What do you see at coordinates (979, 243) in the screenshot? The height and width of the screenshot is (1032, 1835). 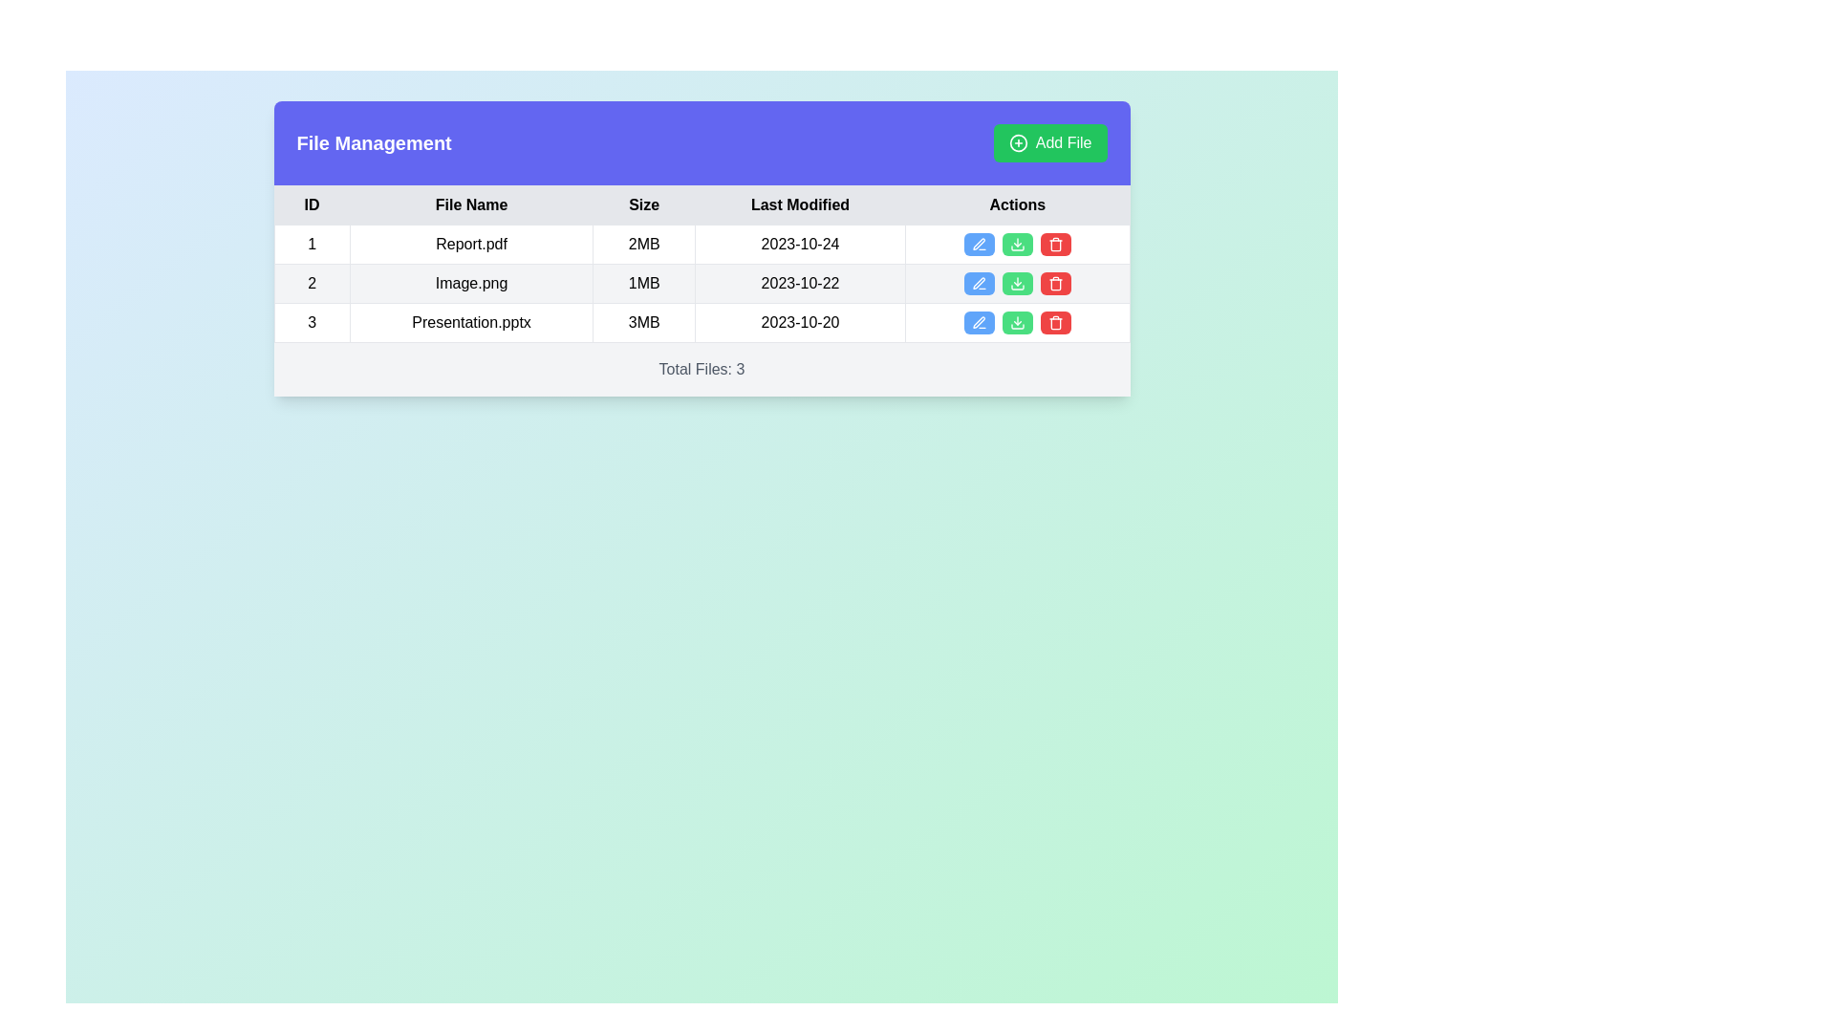 I see `the small rectangular blue button with rounded corners that contains a pen icon, located in the 'Actions' column of the first row of the table` at bounding box center [979, 243].